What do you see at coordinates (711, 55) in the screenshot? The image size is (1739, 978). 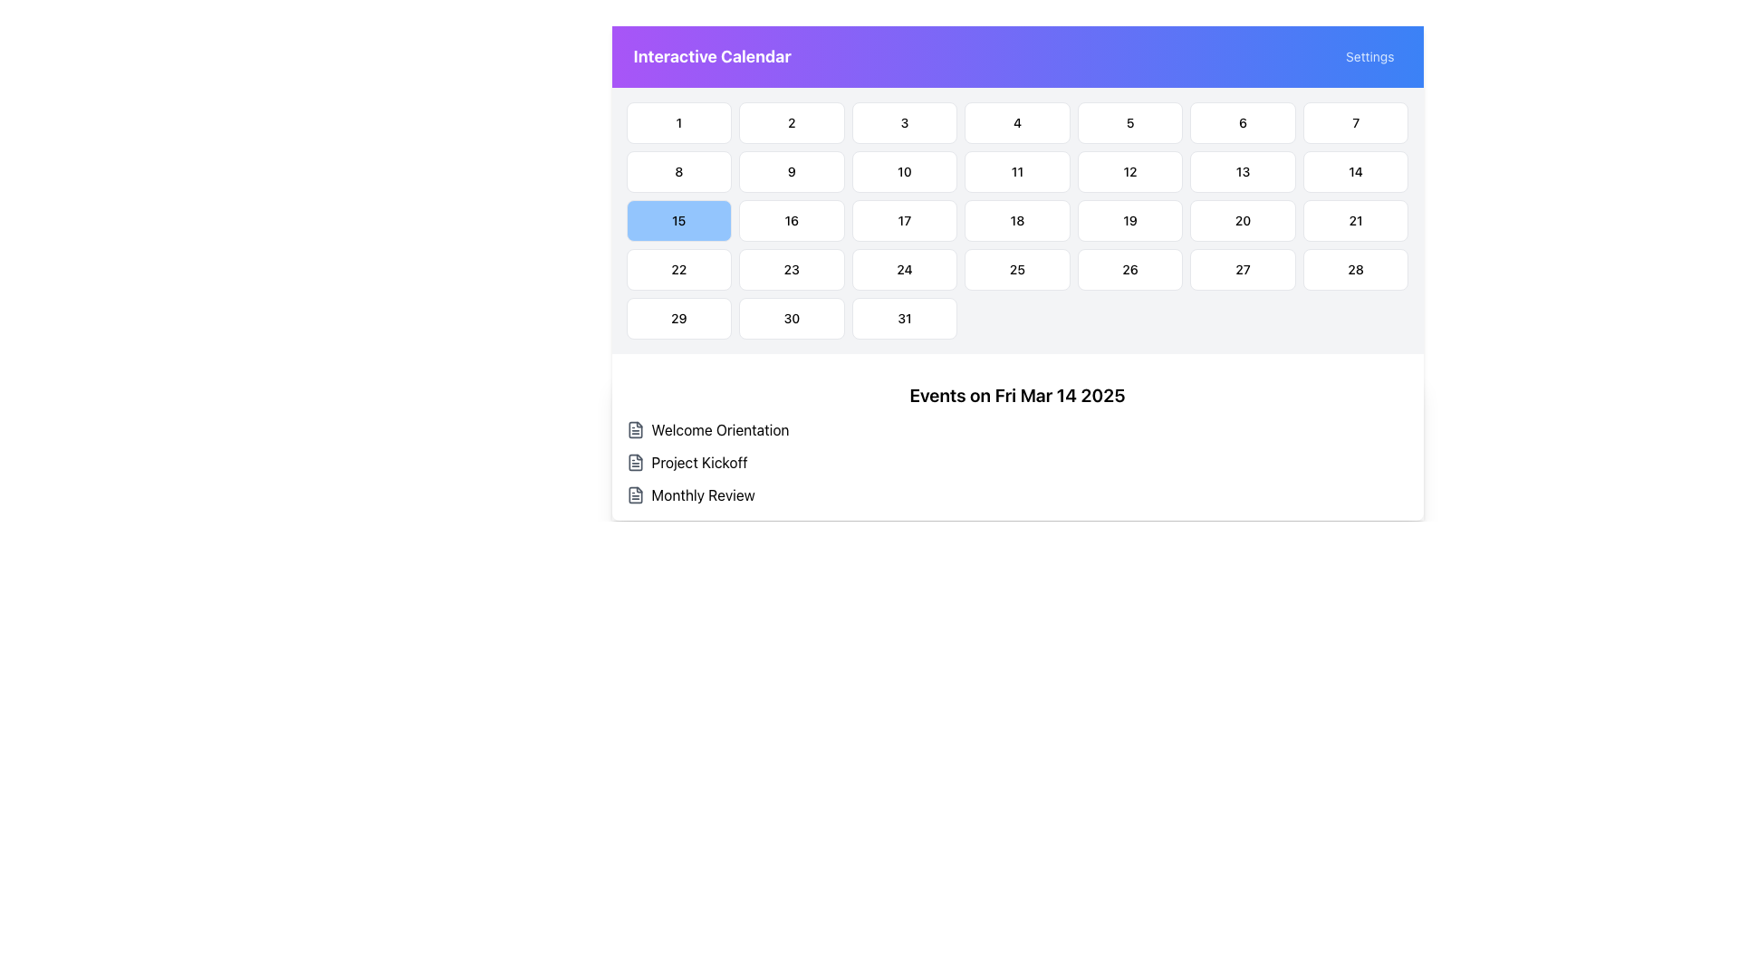 I see `the bold, white text label displaying 'Interactive Calendar' located at the top-left corner of the header section` at bounding box center [711, 55].